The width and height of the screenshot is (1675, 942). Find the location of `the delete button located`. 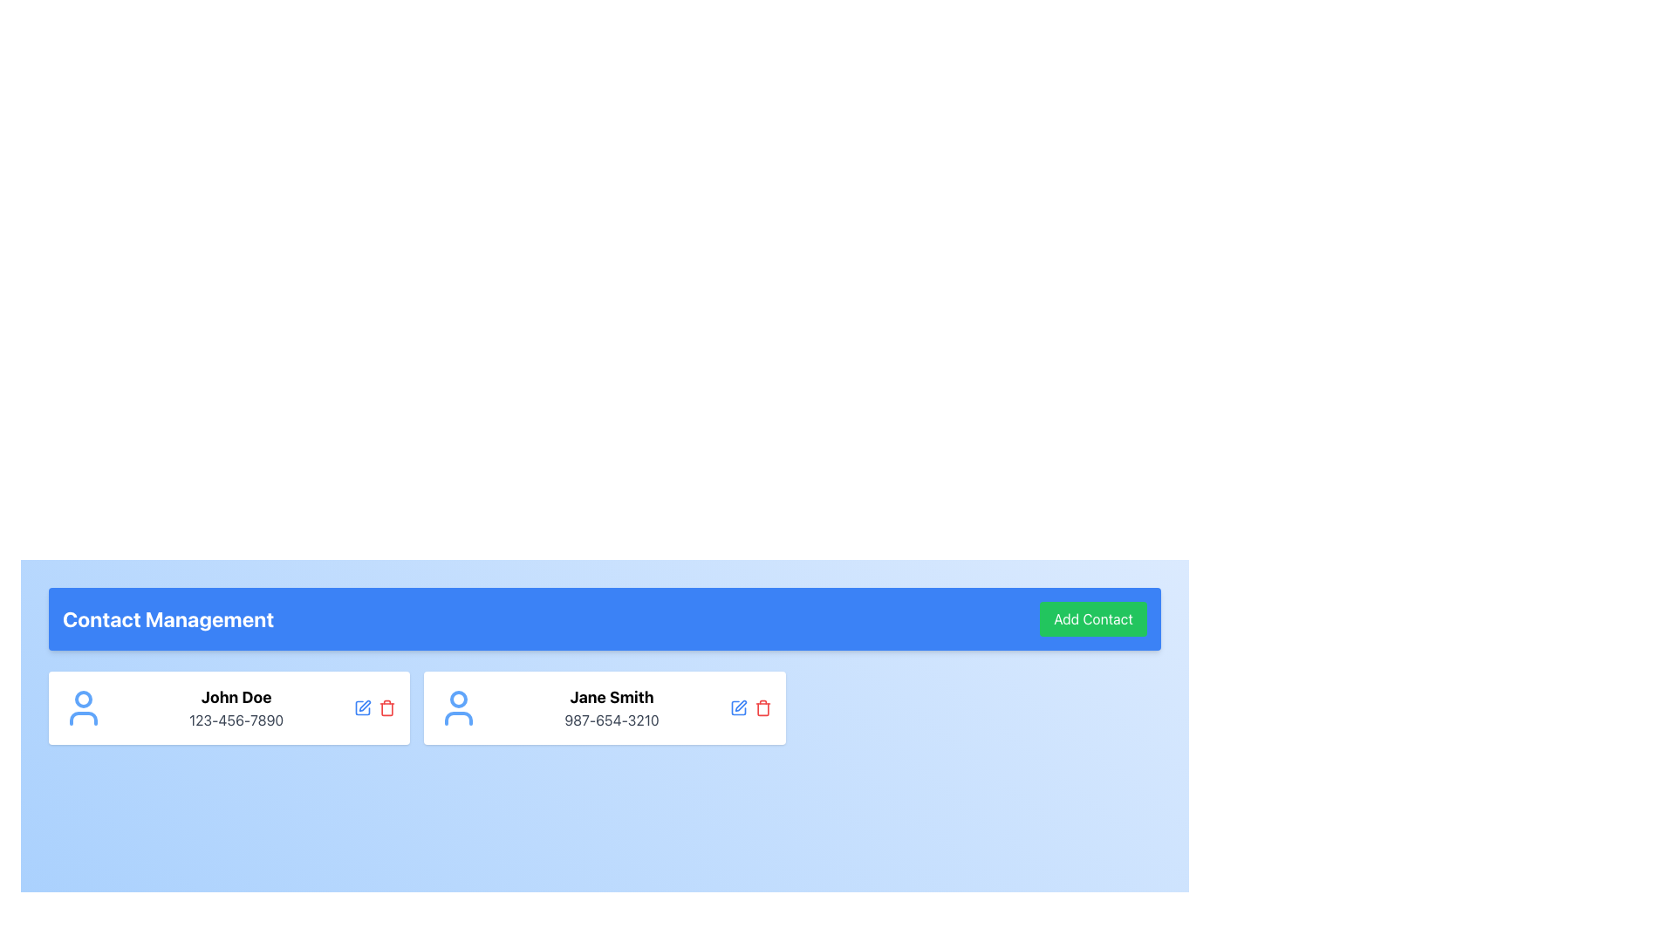

the delete button located is located at coordinates (386, 708).